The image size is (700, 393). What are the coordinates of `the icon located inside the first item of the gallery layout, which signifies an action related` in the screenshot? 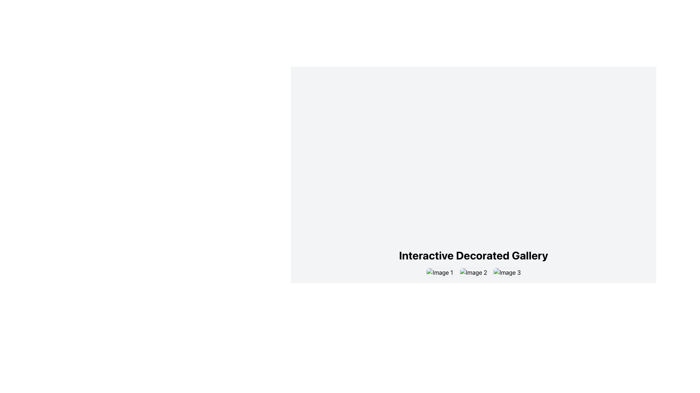 It's located at (439, 272).